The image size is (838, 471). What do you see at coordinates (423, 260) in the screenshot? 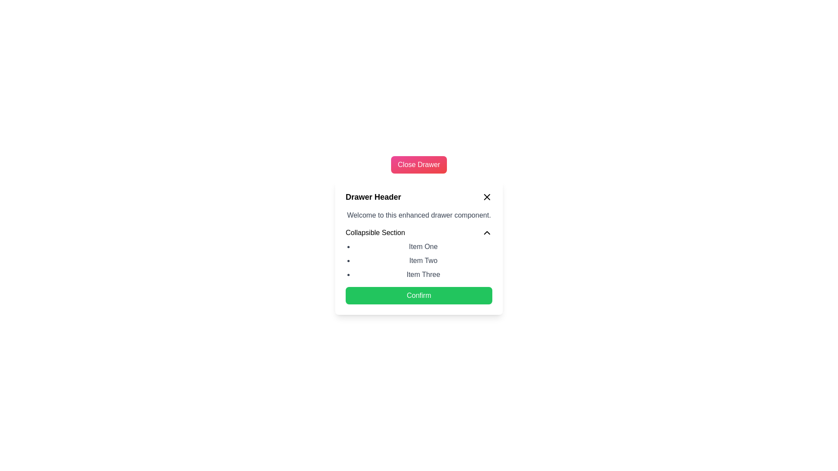
I see `the list item labeled 'Item Two', which is styled in gray and positioned as the second item in a bullet-point list within the 'Collapsible Section' modal` at bounding box center [423, 260].